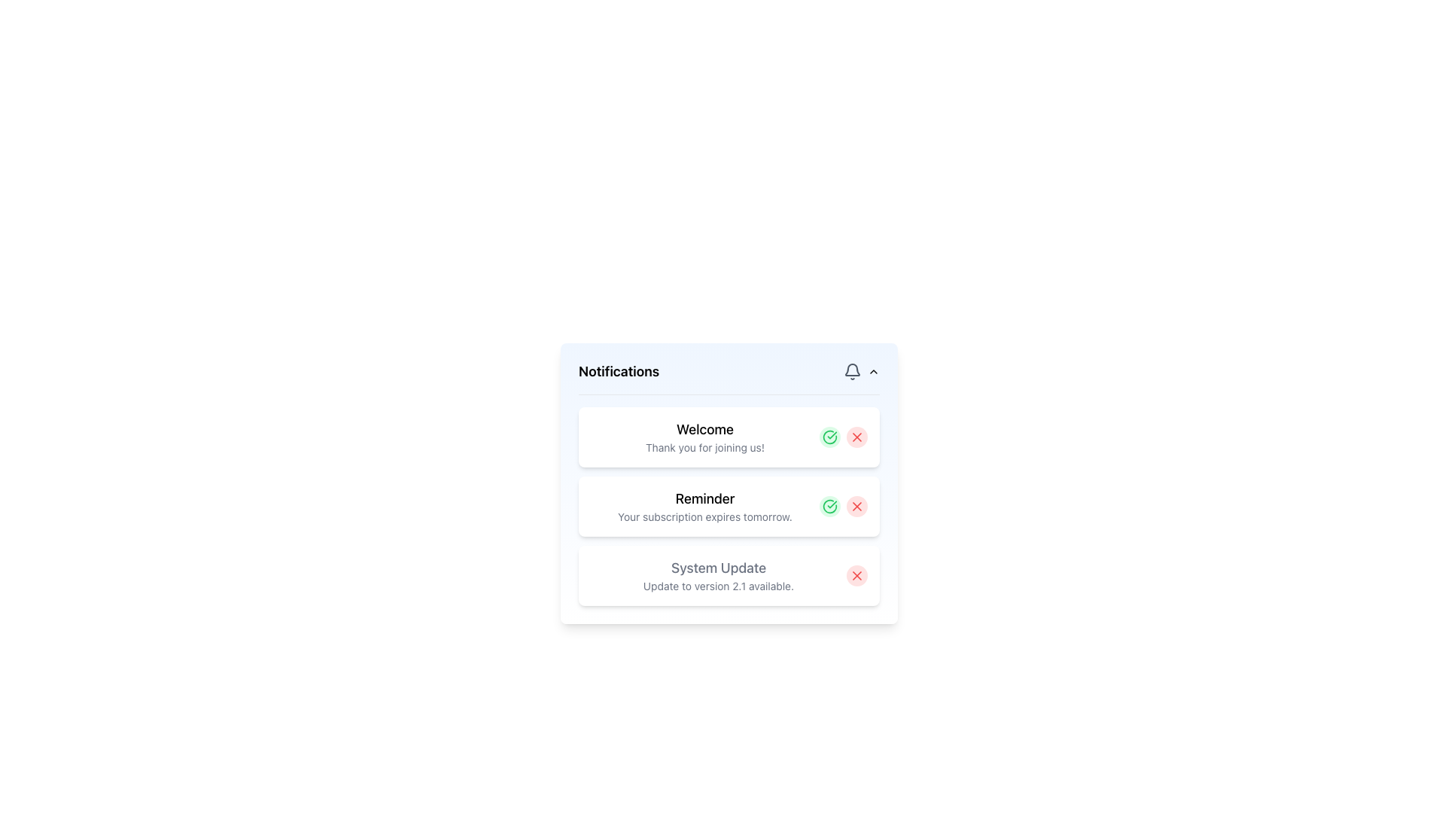  I want to click on the 'Reminder' text label element located in the second notification card from the top in the notification list, so click(704, 499).